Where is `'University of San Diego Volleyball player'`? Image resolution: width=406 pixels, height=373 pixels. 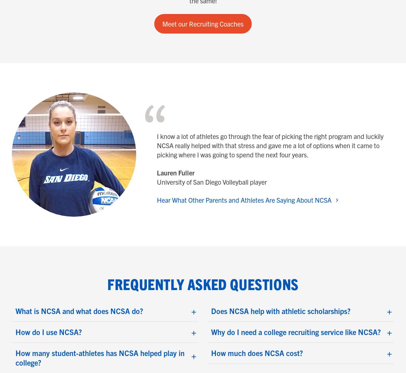
'University of San Diego Volleyball player' is located at coordinates (211, 182).